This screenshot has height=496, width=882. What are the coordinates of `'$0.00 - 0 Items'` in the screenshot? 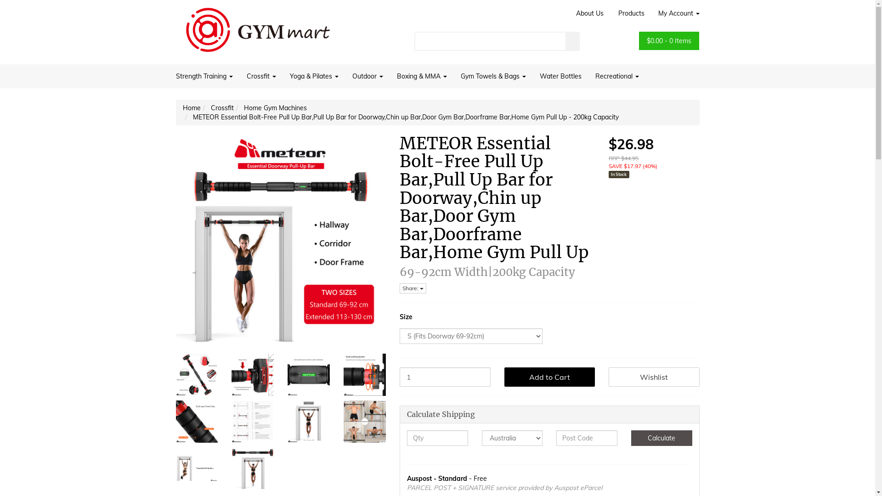 It's located at (669, 40).